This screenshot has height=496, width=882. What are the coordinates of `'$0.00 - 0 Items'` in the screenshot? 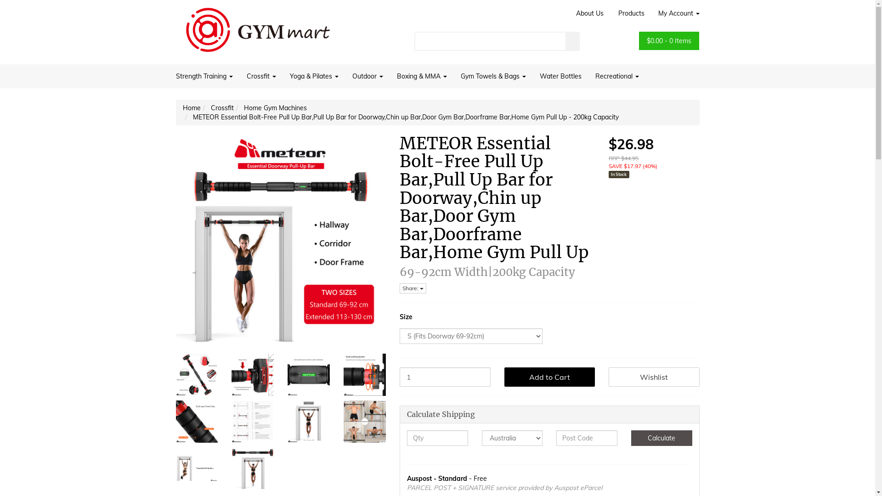 It's located at (669, 40).